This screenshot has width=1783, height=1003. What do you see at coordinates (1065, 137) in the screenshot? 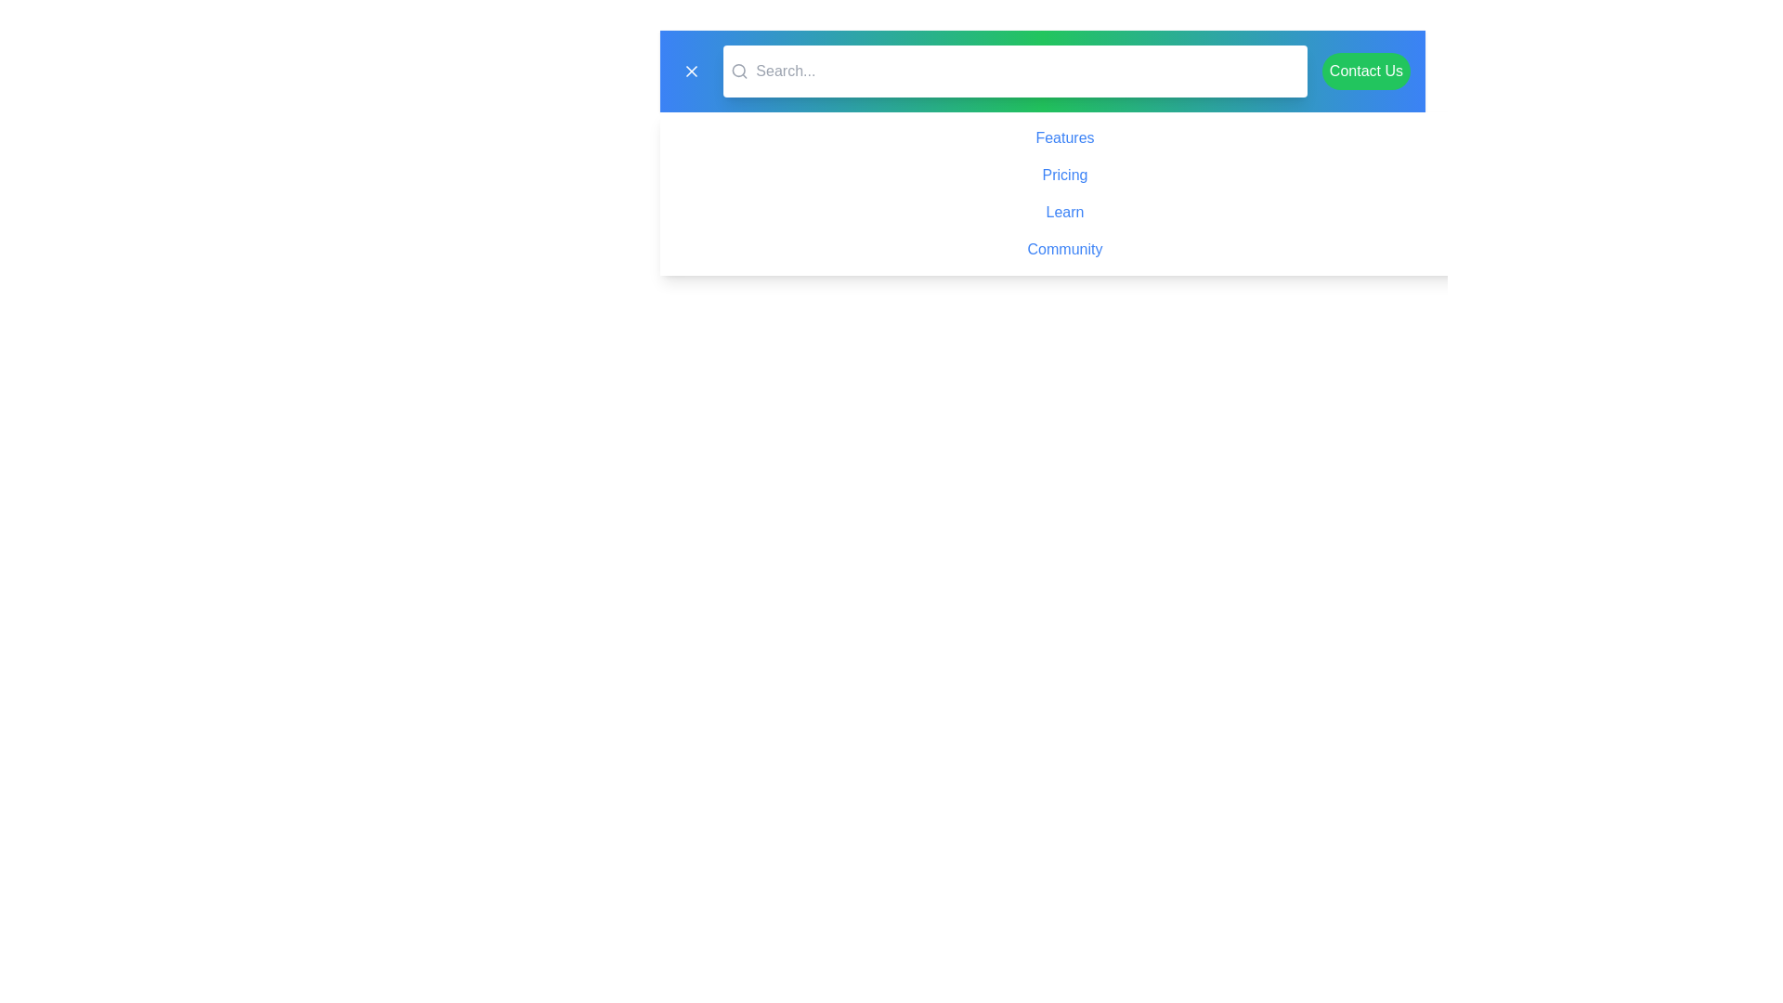
I see `keyboard navigation` at bounding box center [1065, 137].